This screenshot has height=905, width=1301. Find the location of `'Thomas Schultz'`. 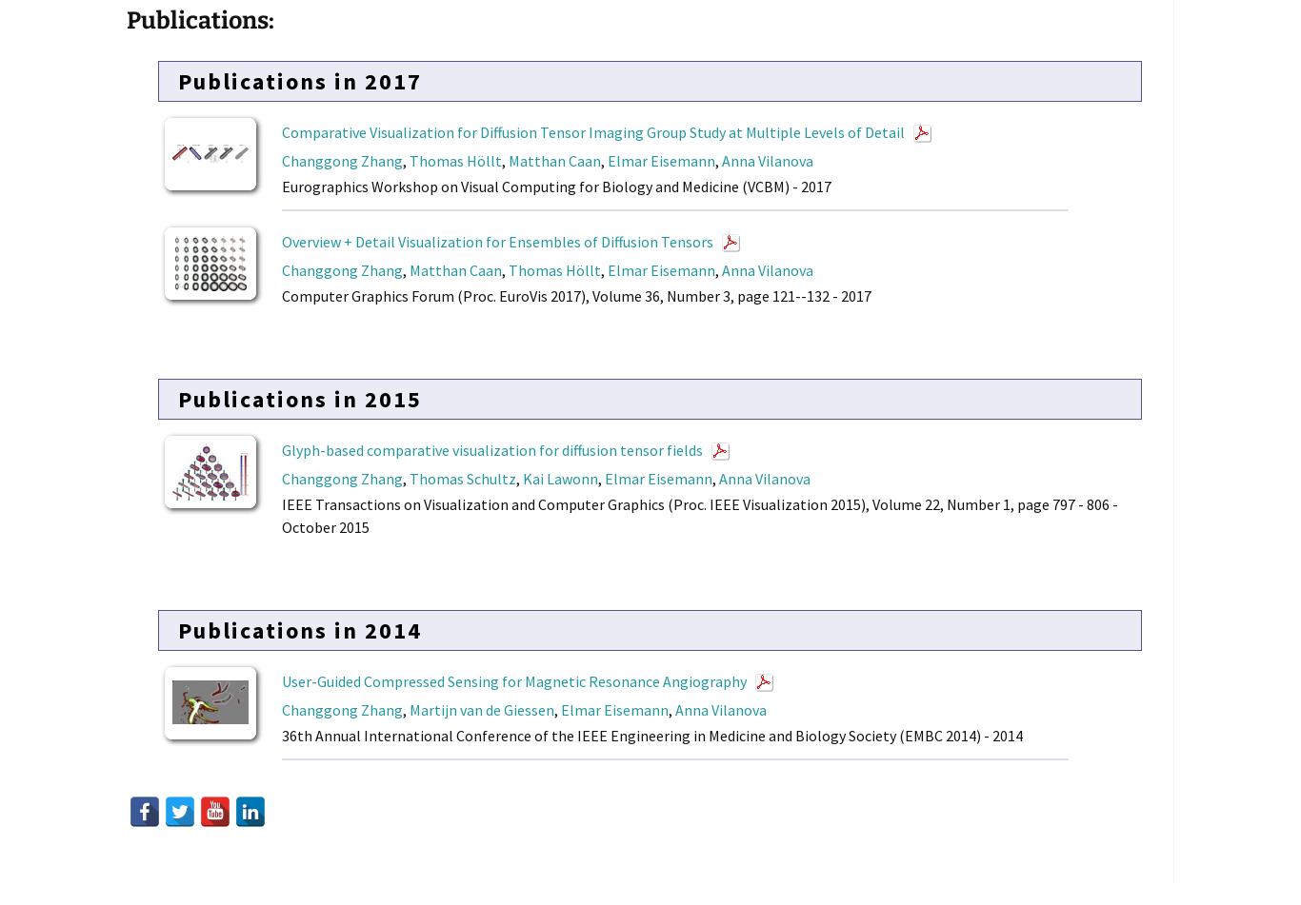

'Thomas Schultz' is located at coordinates (462, 477).